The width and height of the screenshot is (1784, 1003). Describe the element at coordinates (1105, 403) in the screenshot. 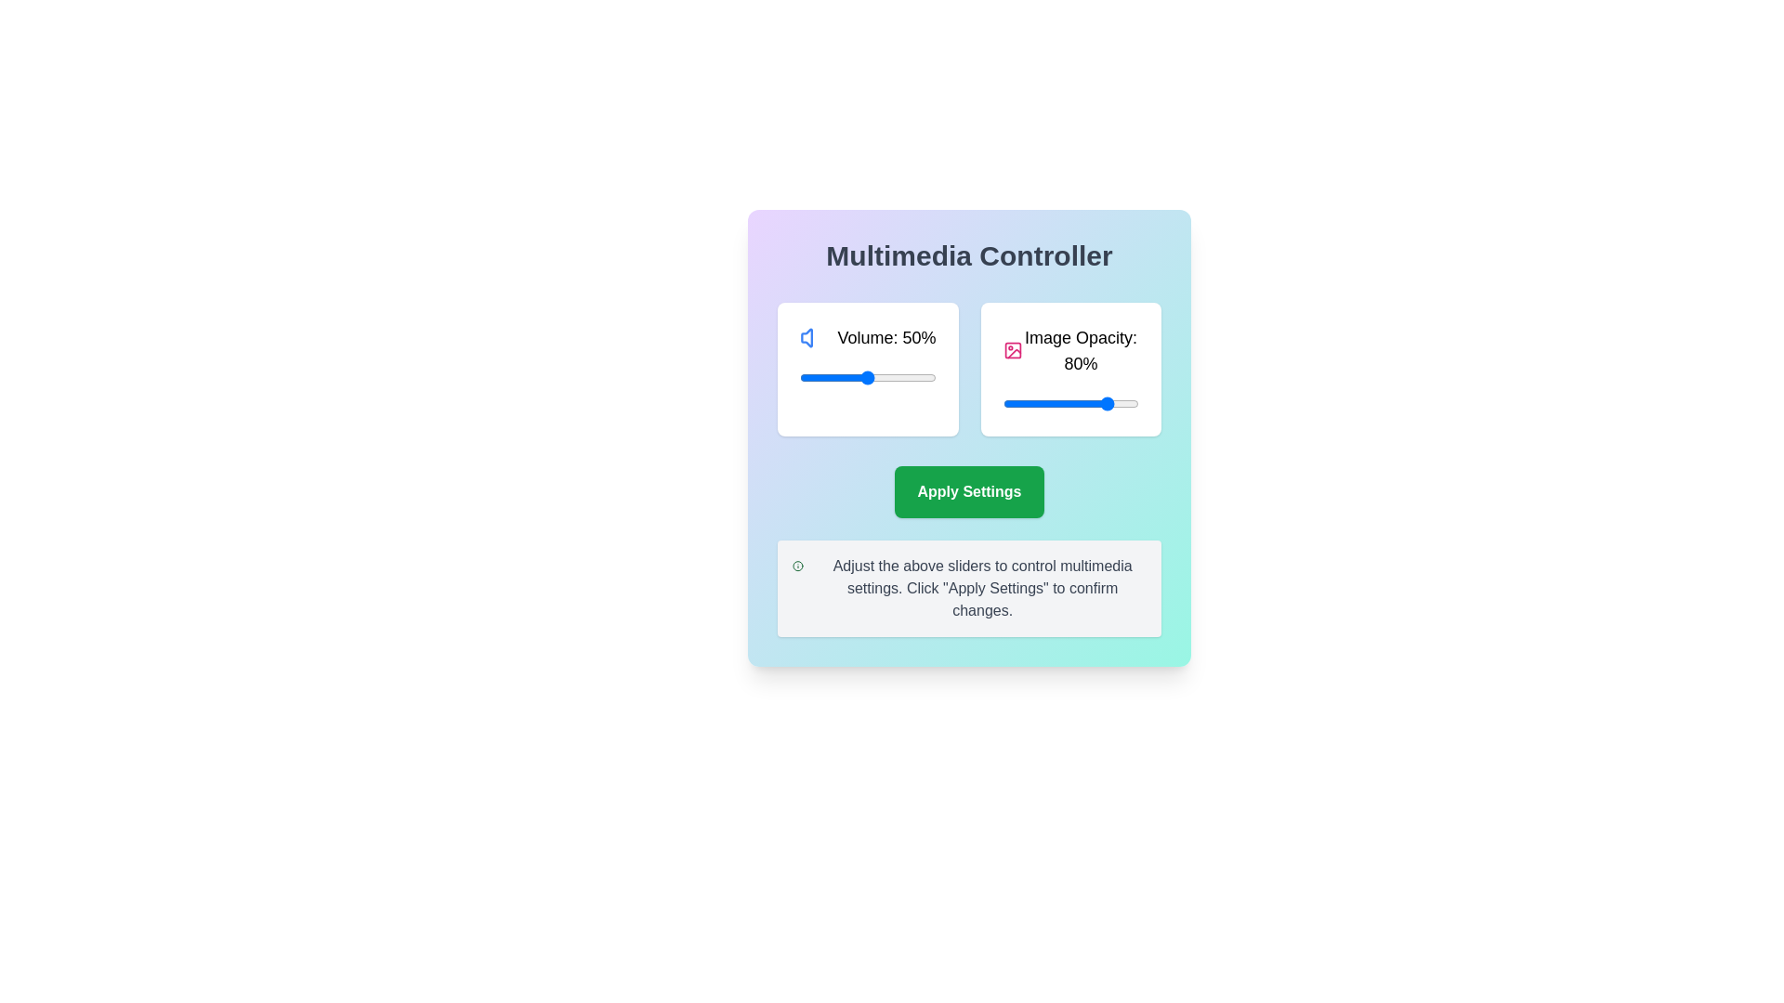

I see `the image opacity slider to set the transparency to 75%` at that location.